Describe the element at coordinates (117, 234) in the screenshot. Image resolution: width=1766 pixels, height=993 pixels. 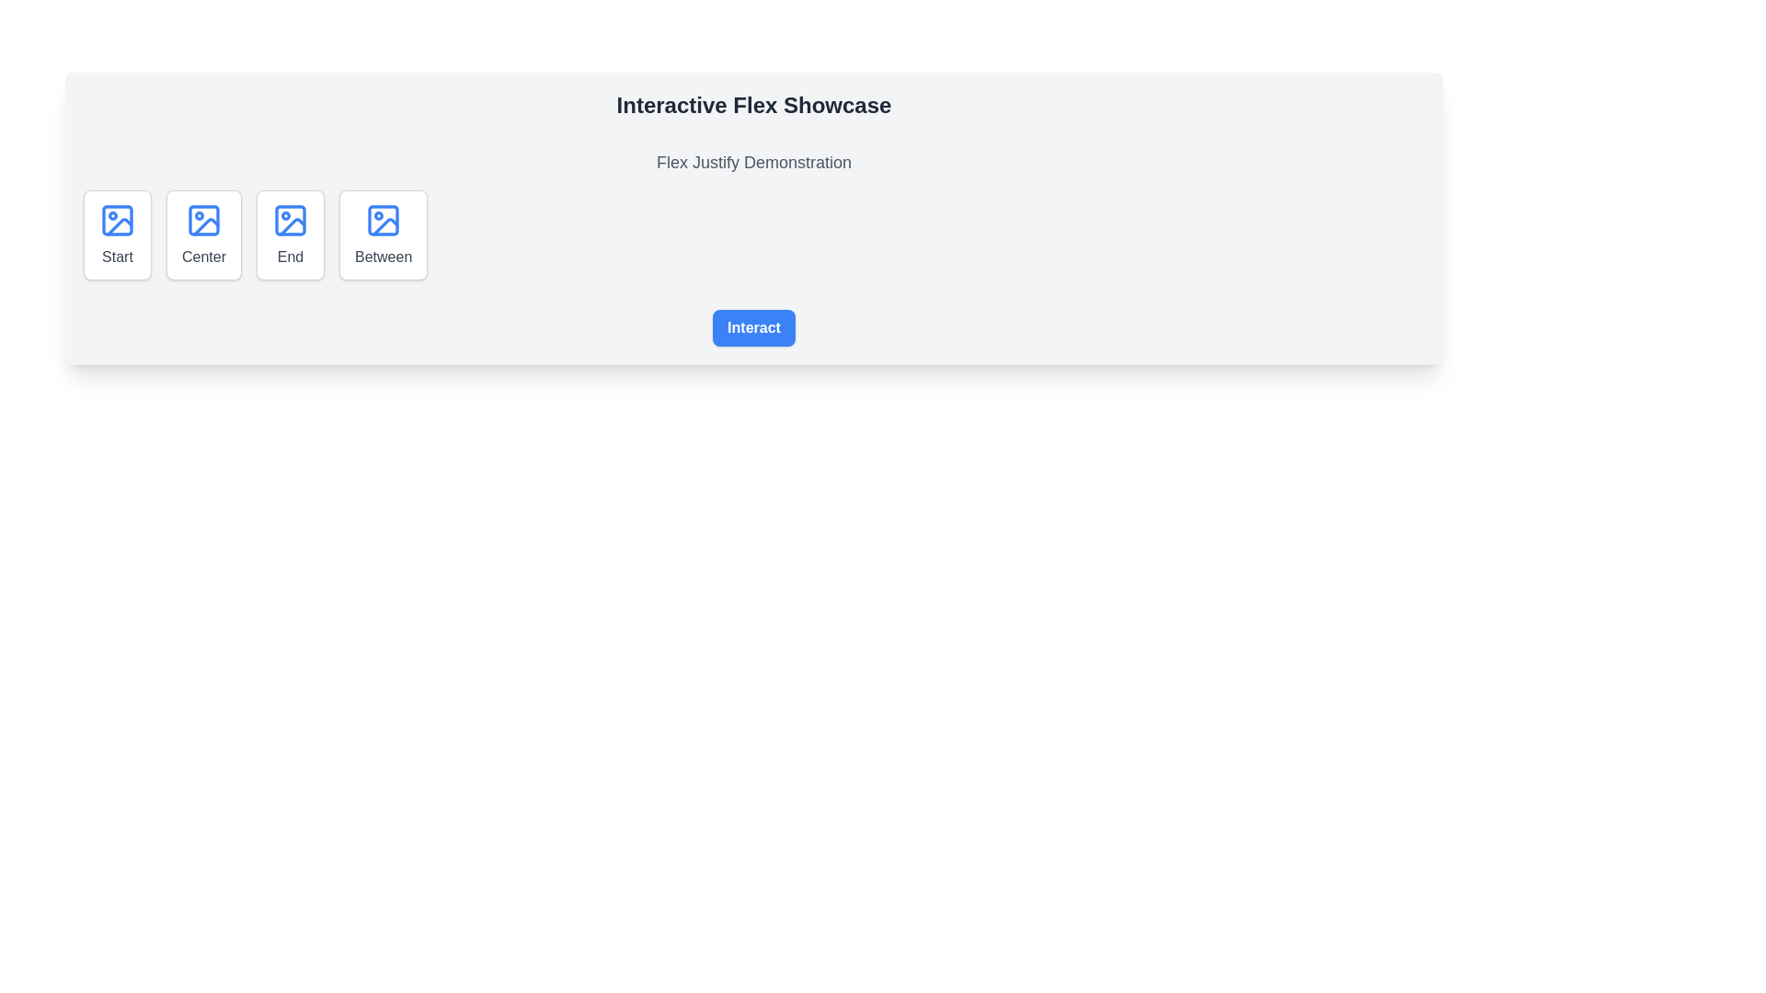
I see `the Composite component labeled 'Start' which contains an icon and a label` at that location.